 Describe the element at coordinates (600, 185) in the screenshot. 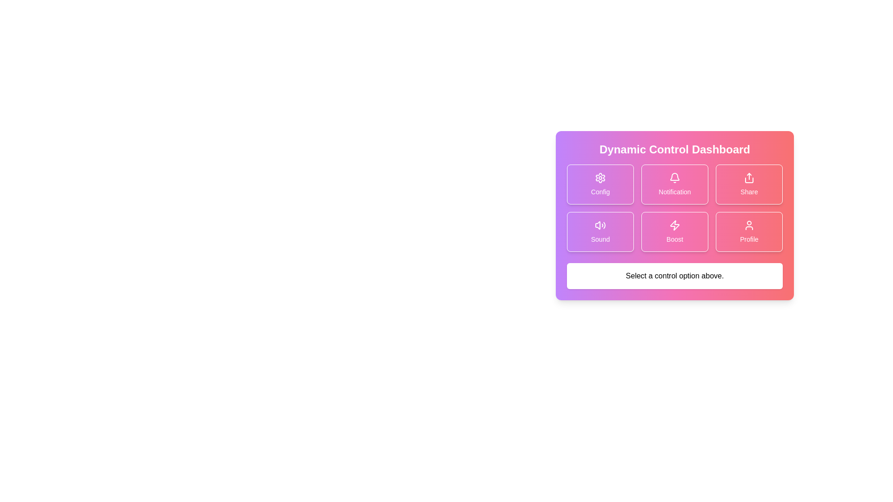

I see `the 'Config' button with a purple to pink gradient background, featuring a white gear icon and small white text underneath` at that location.